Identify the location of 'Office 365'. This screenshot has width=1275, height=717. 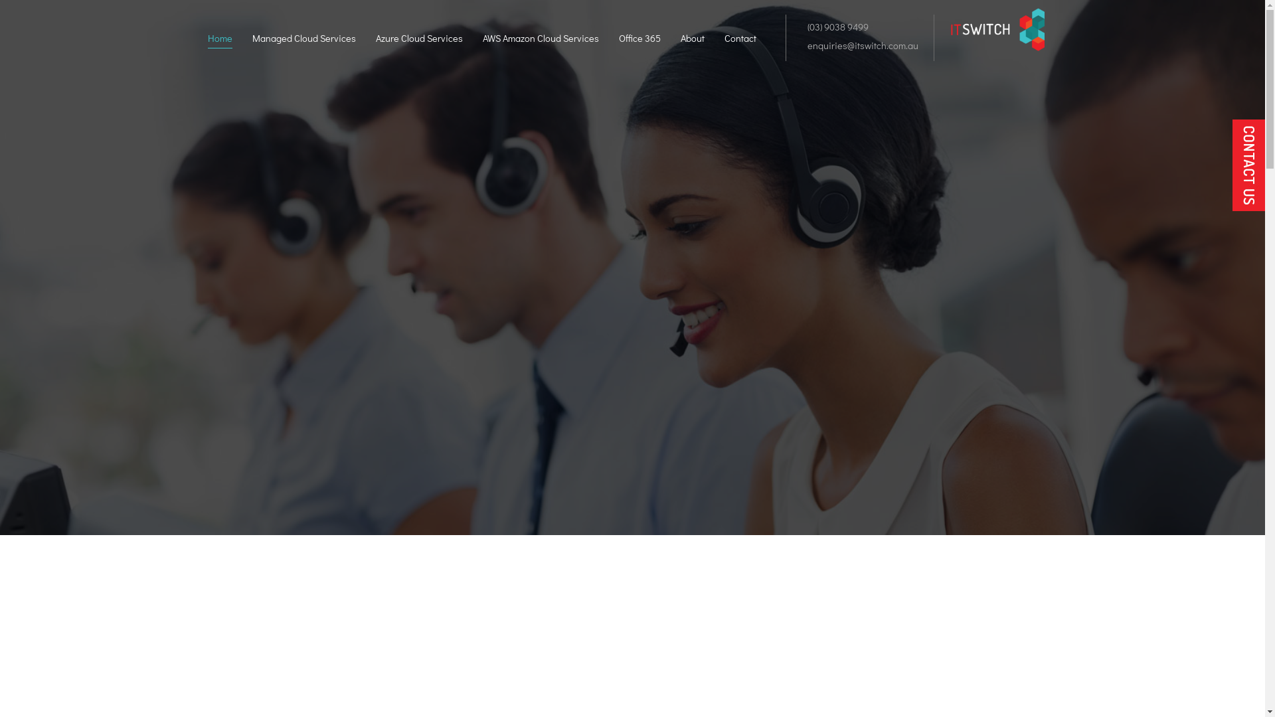
(639, 39).